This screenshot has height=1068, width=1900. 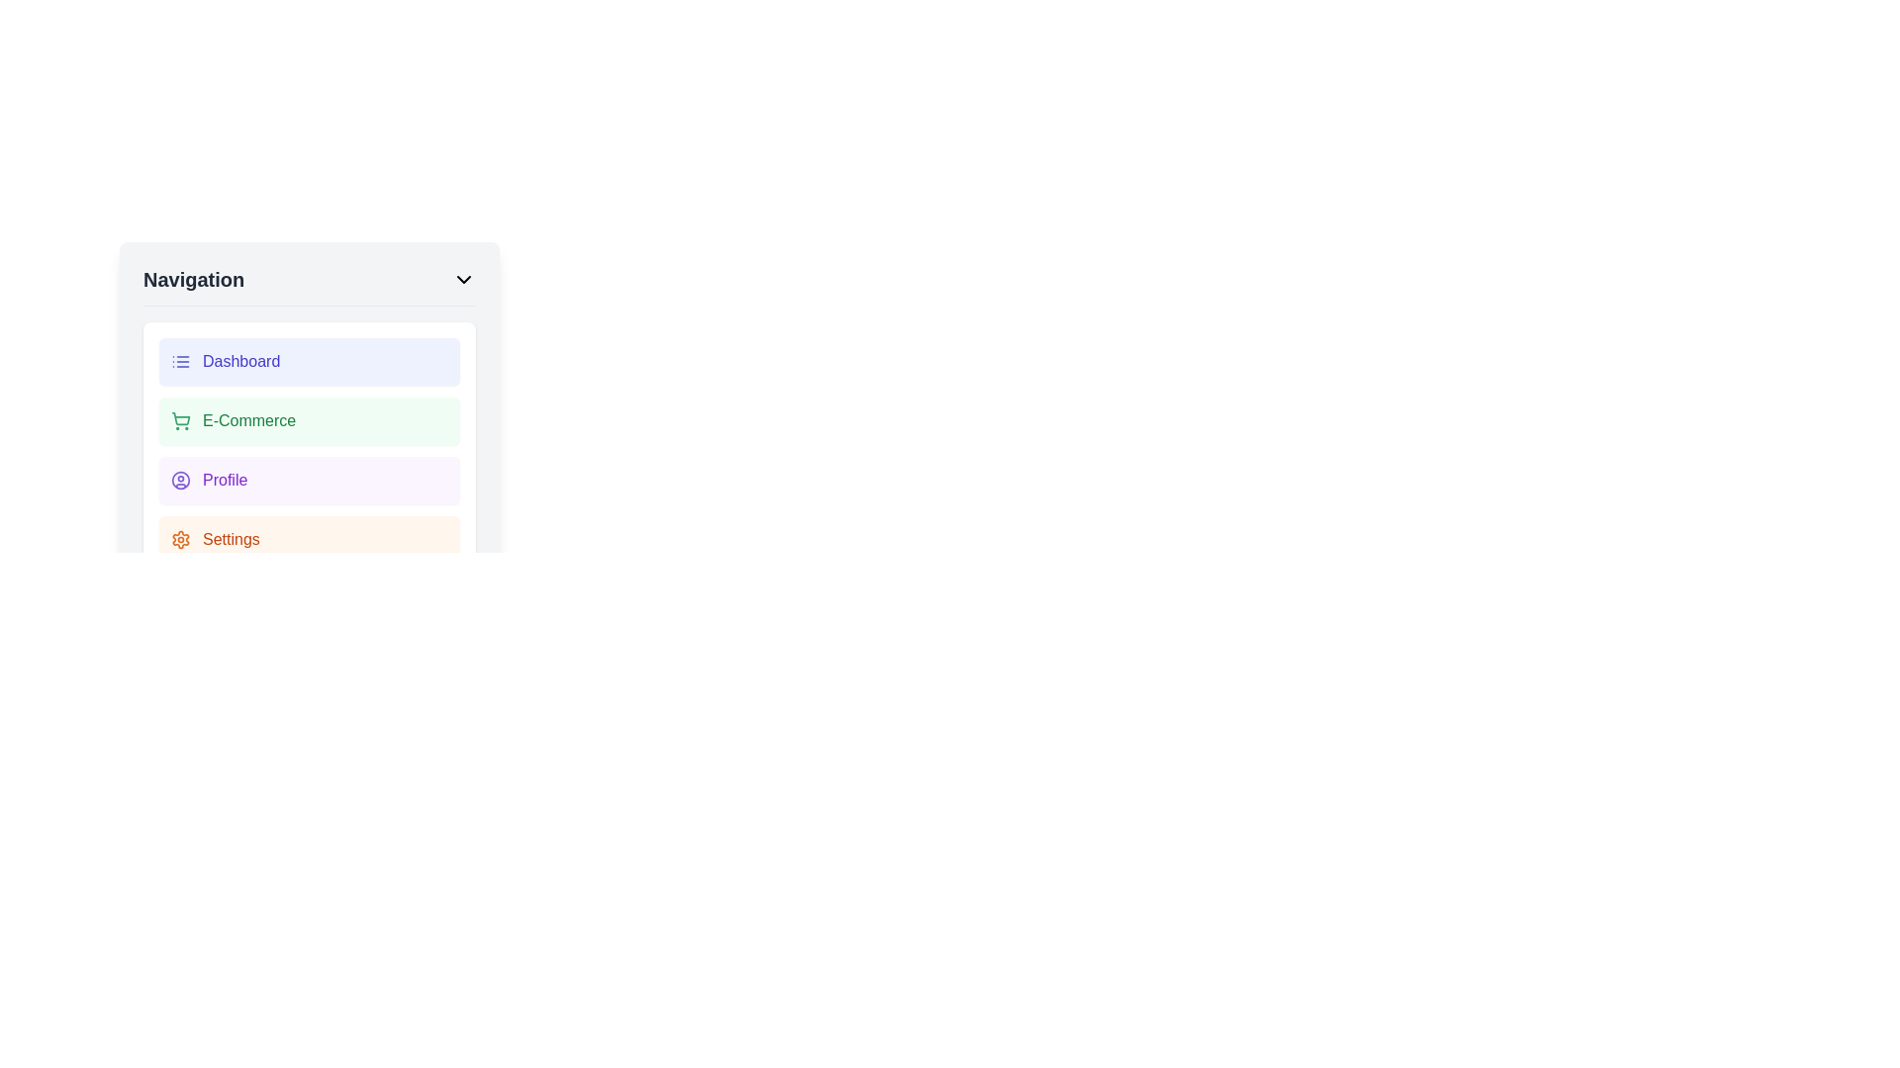 I want to click on the profile icon, which is a stylized user profile represented as a circle with a purple stroke, so click(x=180, y=481).